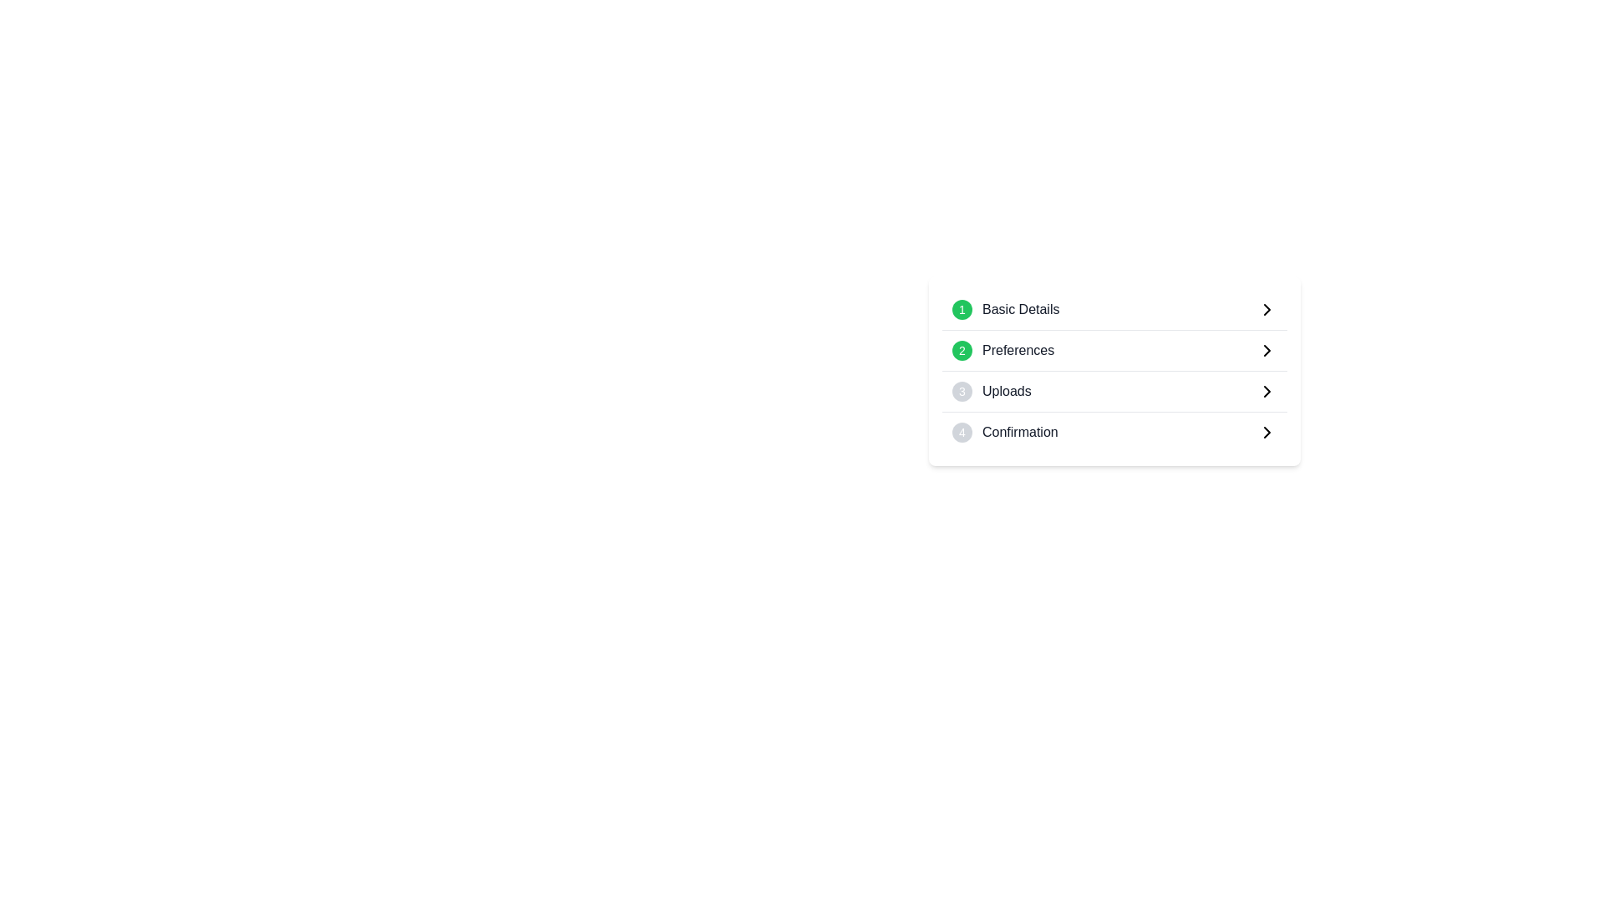  Describe the element at coordinates (1002, 350) in the screenshot. I see `the Step indicator displaying '2 Preferences' with a green badge containing the number '2'` at that location.